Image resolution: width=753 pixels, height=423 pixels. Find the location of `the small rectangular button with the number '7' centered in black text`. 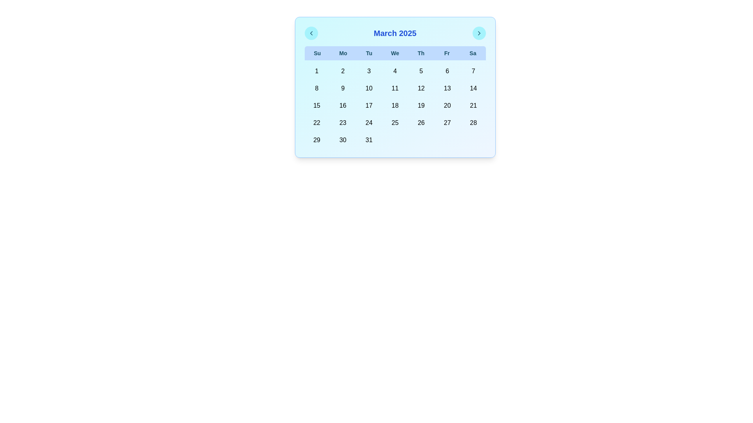

the small rectangular button with the number '7' centered in black text is located at coordinates (473, 71).